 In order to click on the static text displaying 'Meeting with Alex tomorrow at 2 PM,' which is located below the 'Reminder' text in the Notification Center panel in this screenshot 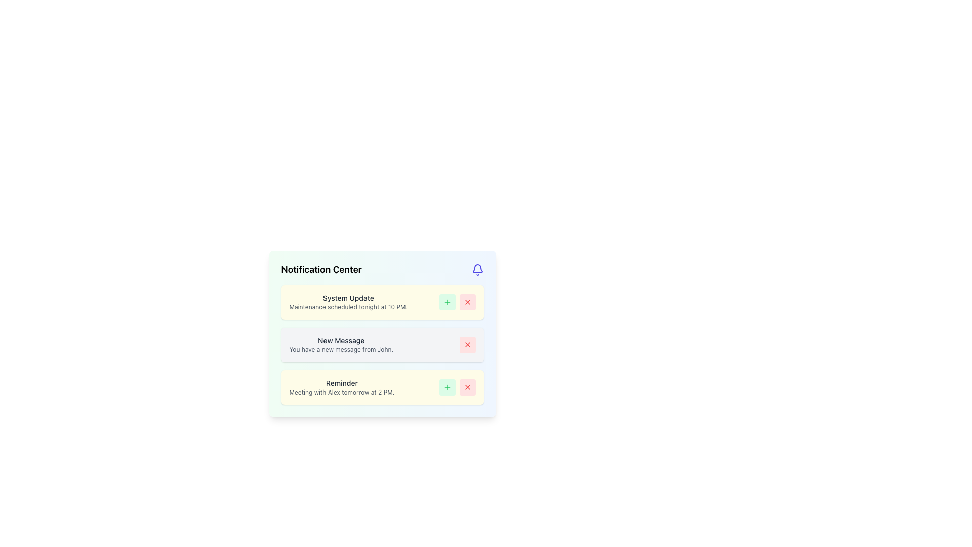, I will do `click(342, 392)`.